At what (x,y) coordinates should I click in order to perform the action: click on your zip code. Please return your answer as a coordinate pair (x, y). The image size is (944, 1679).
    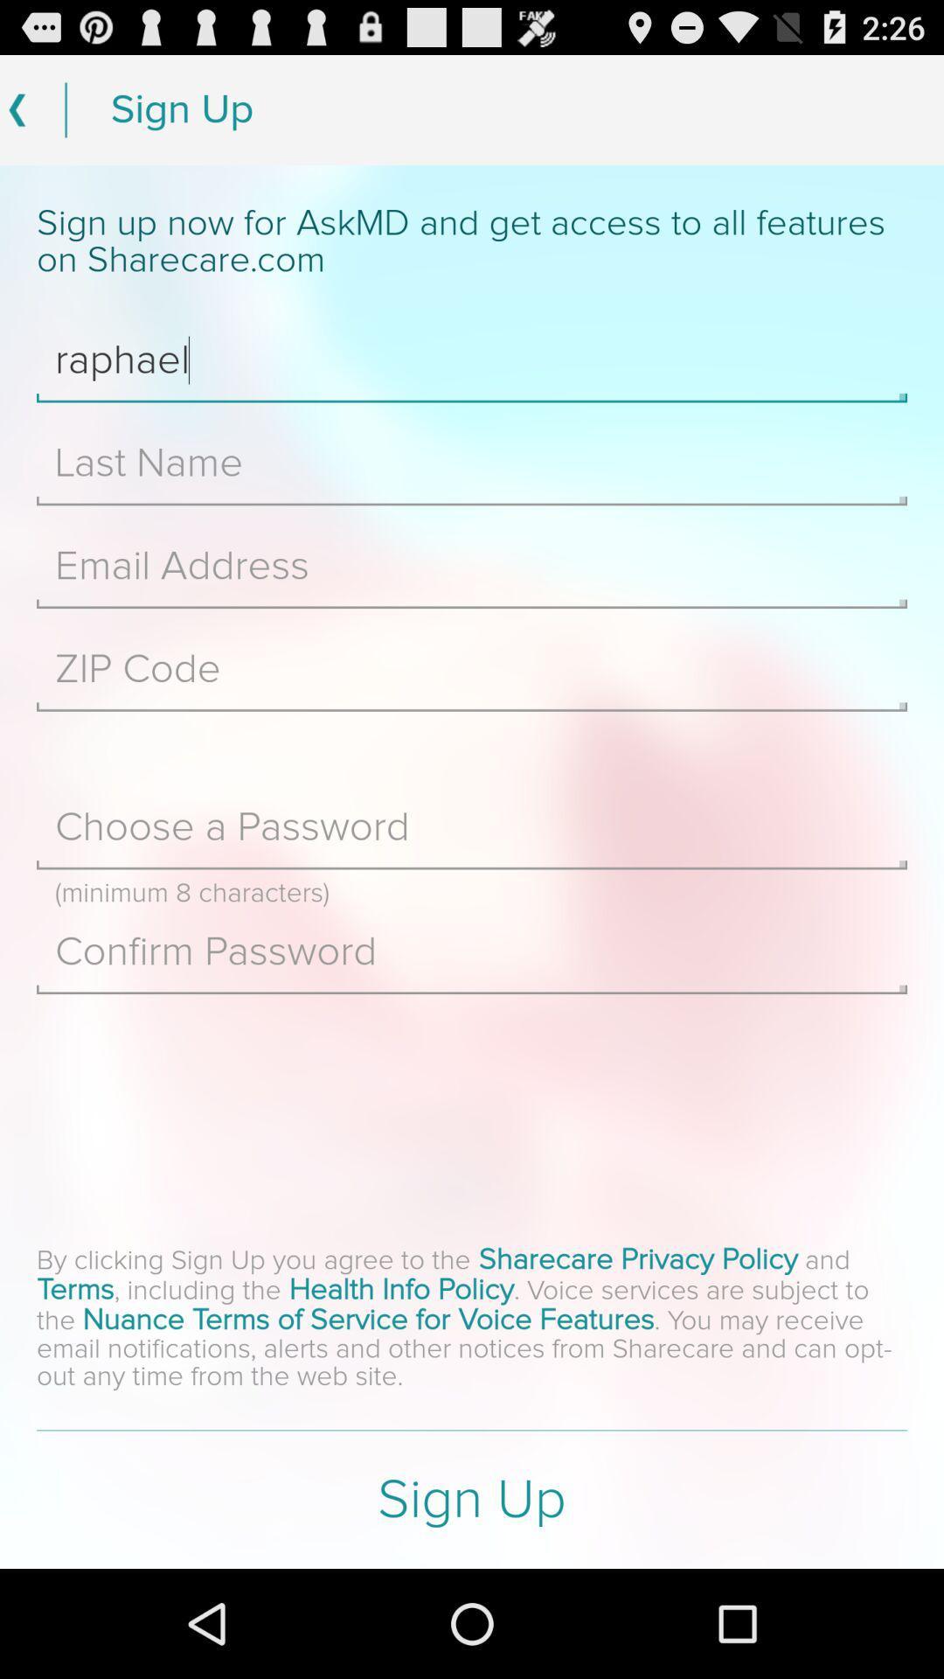
    Looking at the image, I should click on (472, 668).